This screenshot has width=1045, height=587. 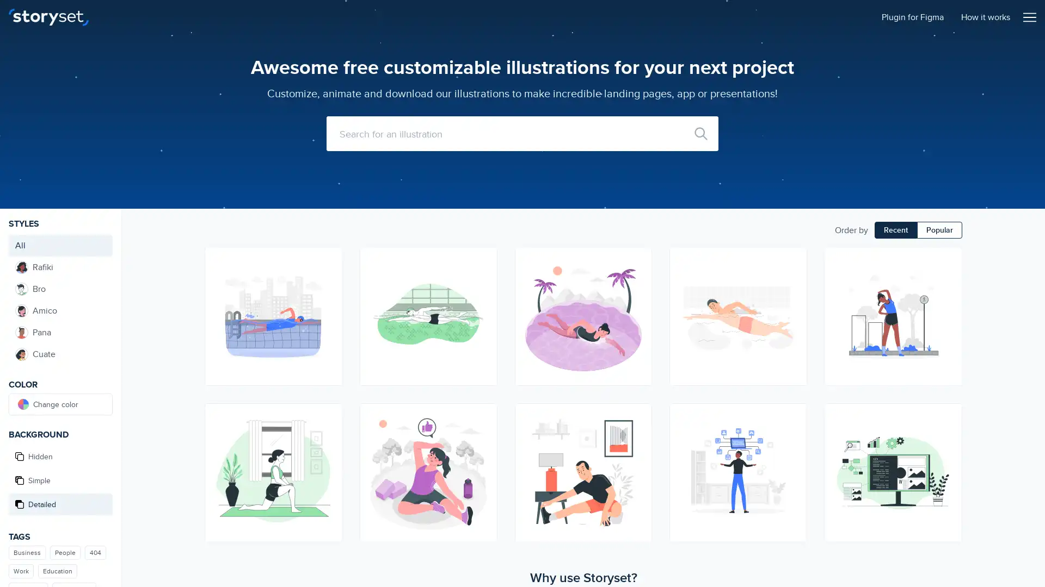 What do you see at coordinates (328, 435) in the screenshot?
I see `download icon Download` at bounding box center [328, 435].